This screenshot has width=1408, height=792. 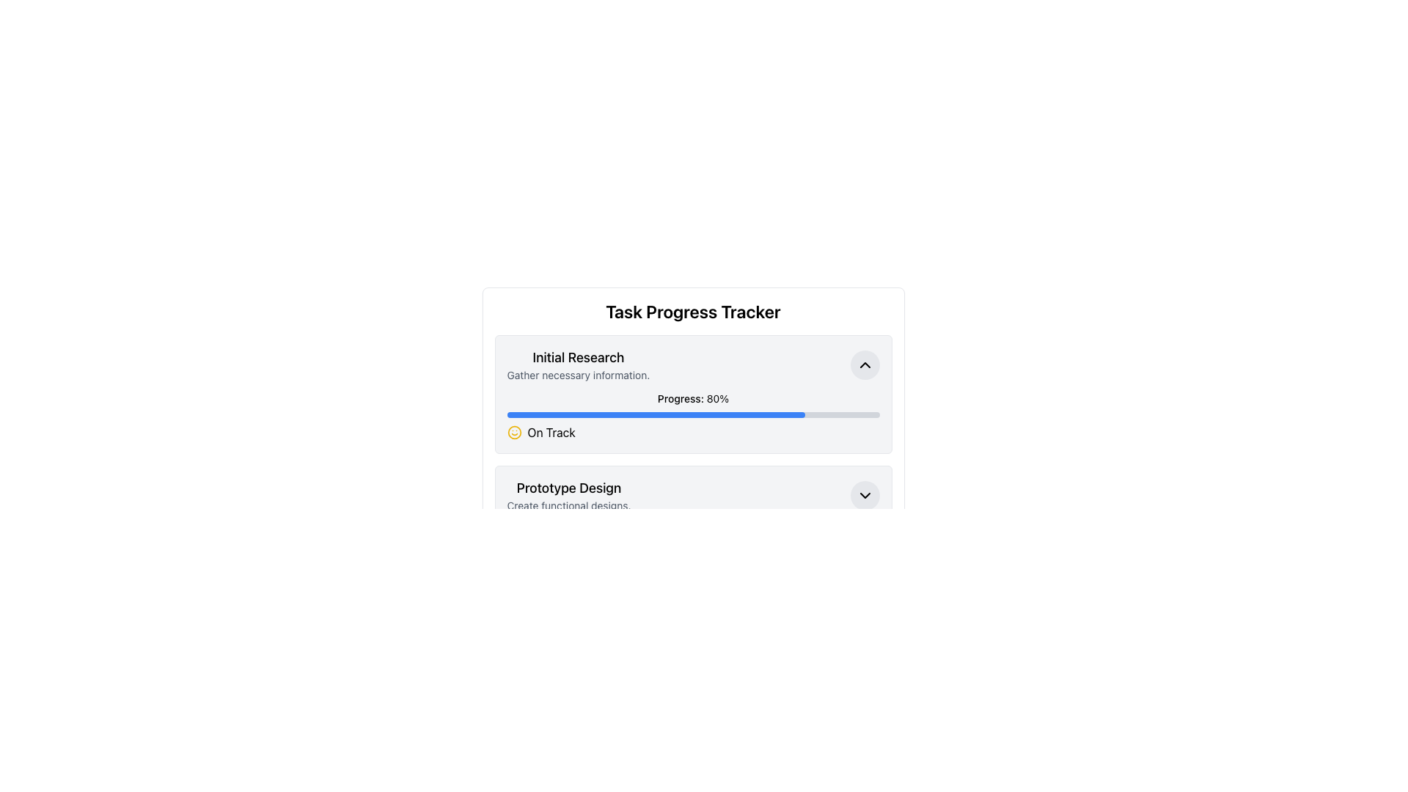 What do you see at coordinates (865, 364) in the screenshot?
I see `the circular icon with an upward chevron in the 'Initial Research' section to change its background color` at bounding box center [865, 364].